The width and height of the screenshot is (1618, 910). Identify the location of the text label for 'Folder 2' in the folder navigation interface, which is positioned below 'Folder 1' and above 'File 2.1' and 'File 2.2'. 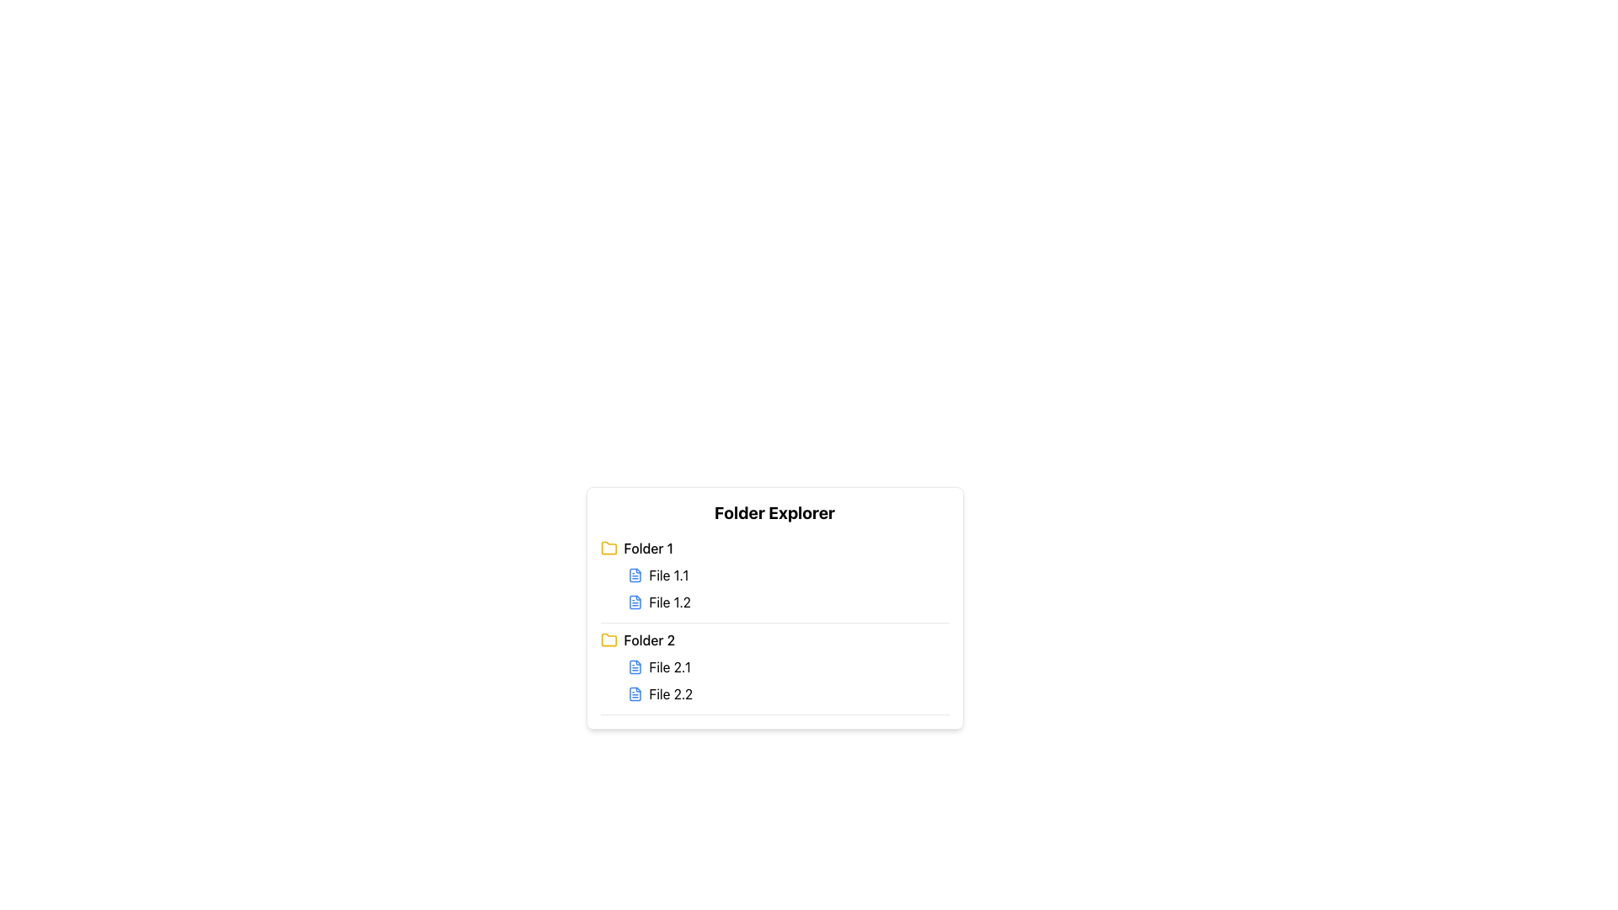
(648, 640).